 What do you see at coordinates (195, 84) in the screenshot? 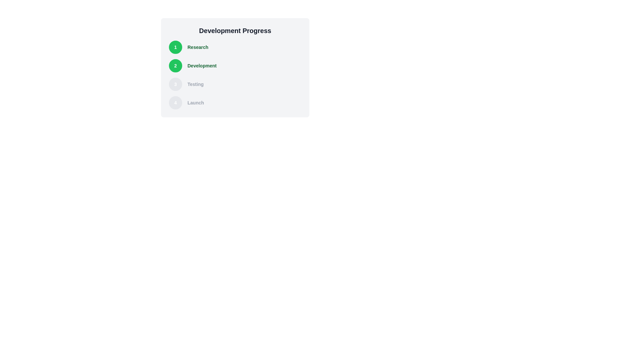
I see `the static text label that signifies the 'Testing' stage in the development workflow, which is located beneath 'Development' and above 'Launch'` at bounding box center [195, 84].